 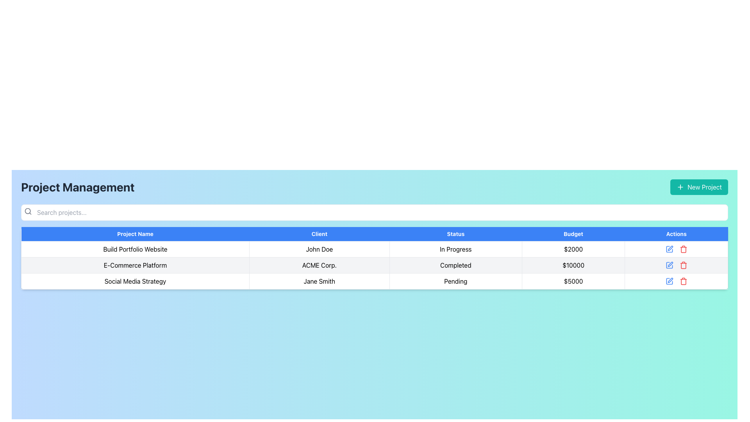 What do you see at coordinates (319, 249) in the screenshot?
I see `the table cell containing the text 'John Doe', which is the second cell` at bounding box center [319, 249].